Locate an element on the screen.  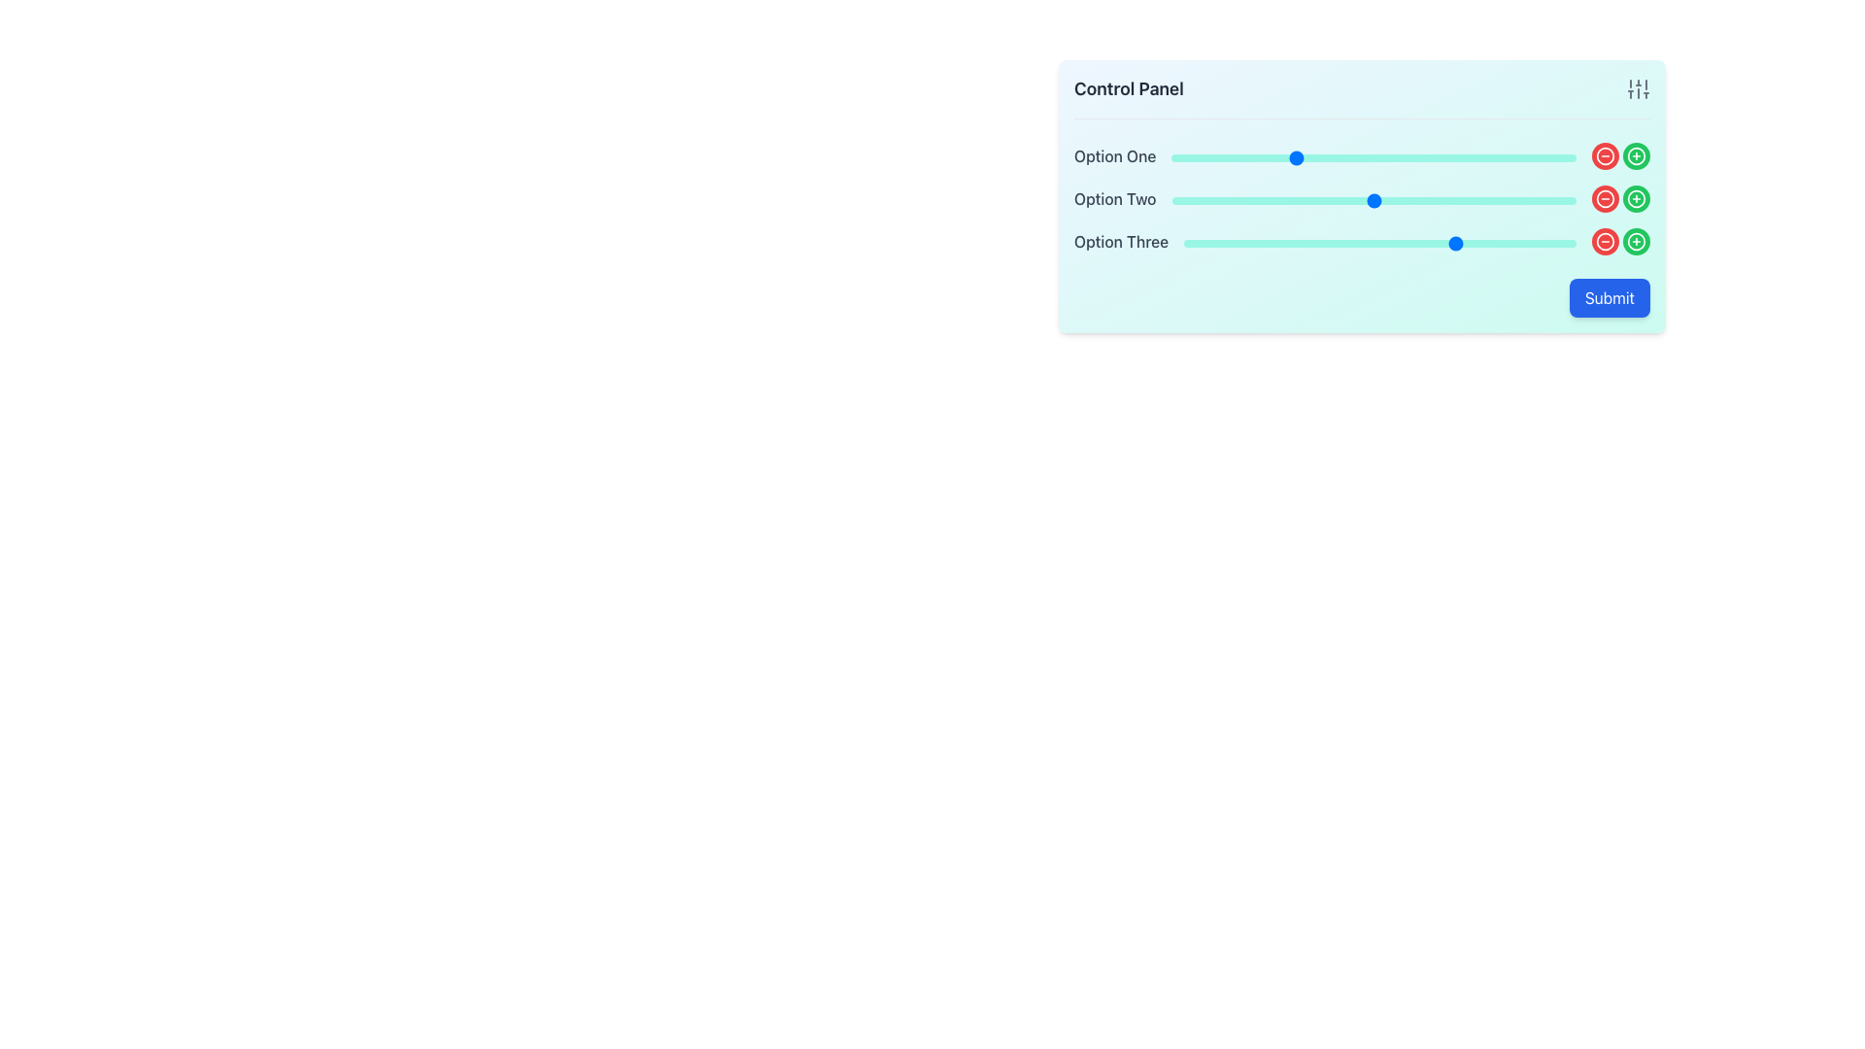
outer circular boundary of the circle-plus icon, which is the third option in the control panel interface is located at coordinates (1635, 198).